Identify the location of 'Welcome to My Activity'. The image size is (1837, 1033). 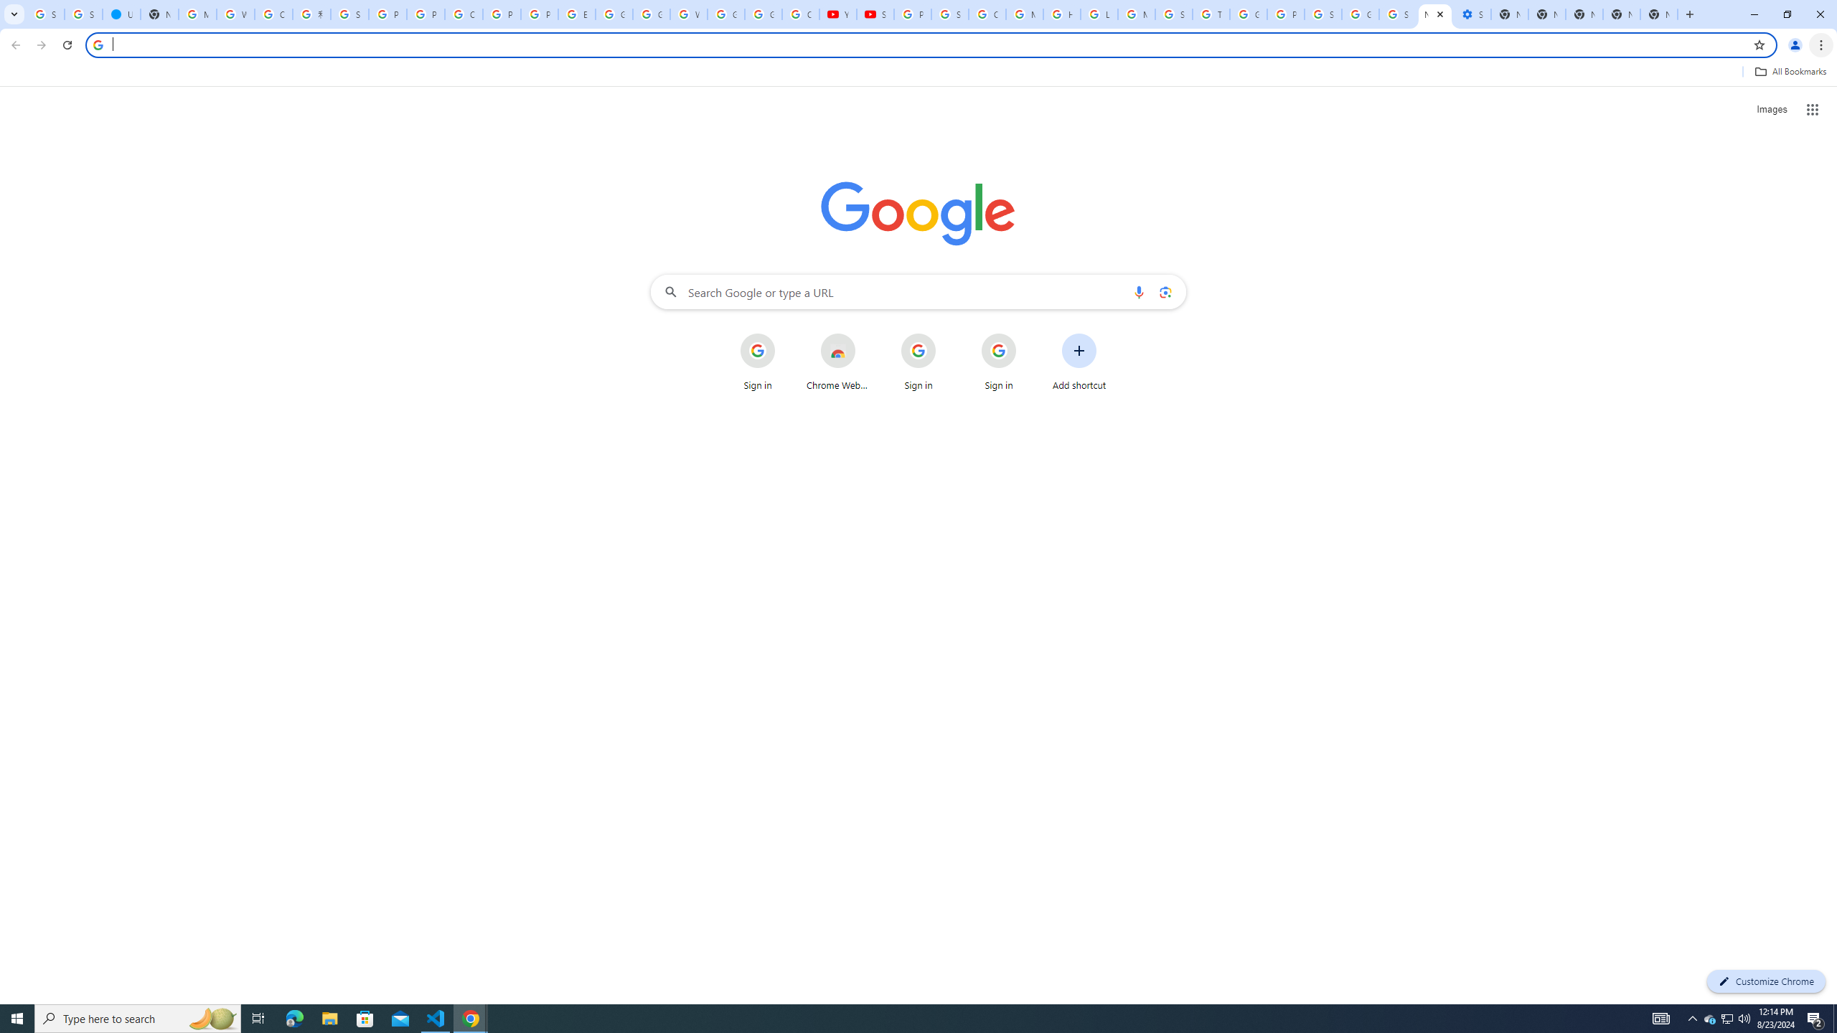
(688, 14).